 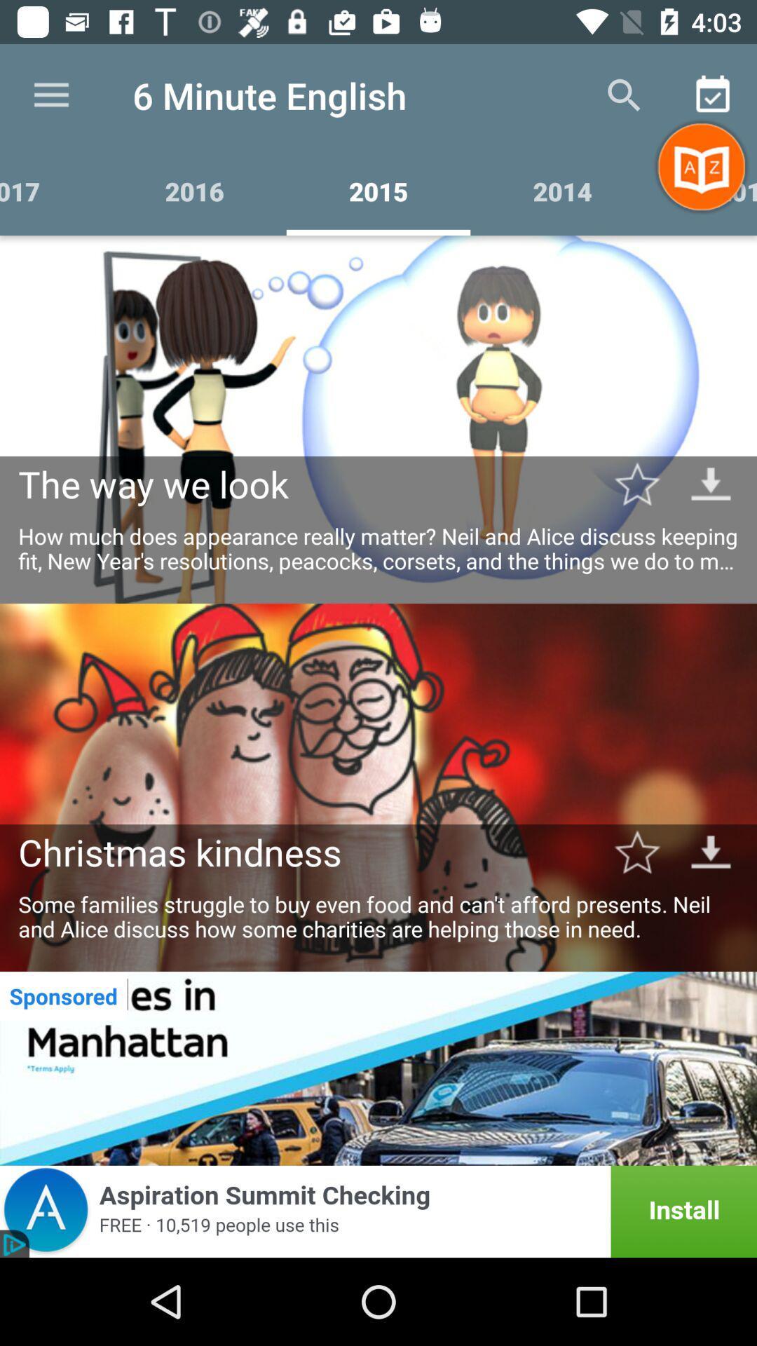 I want to click on the icon above the 2013, so click(x=713, y=95).